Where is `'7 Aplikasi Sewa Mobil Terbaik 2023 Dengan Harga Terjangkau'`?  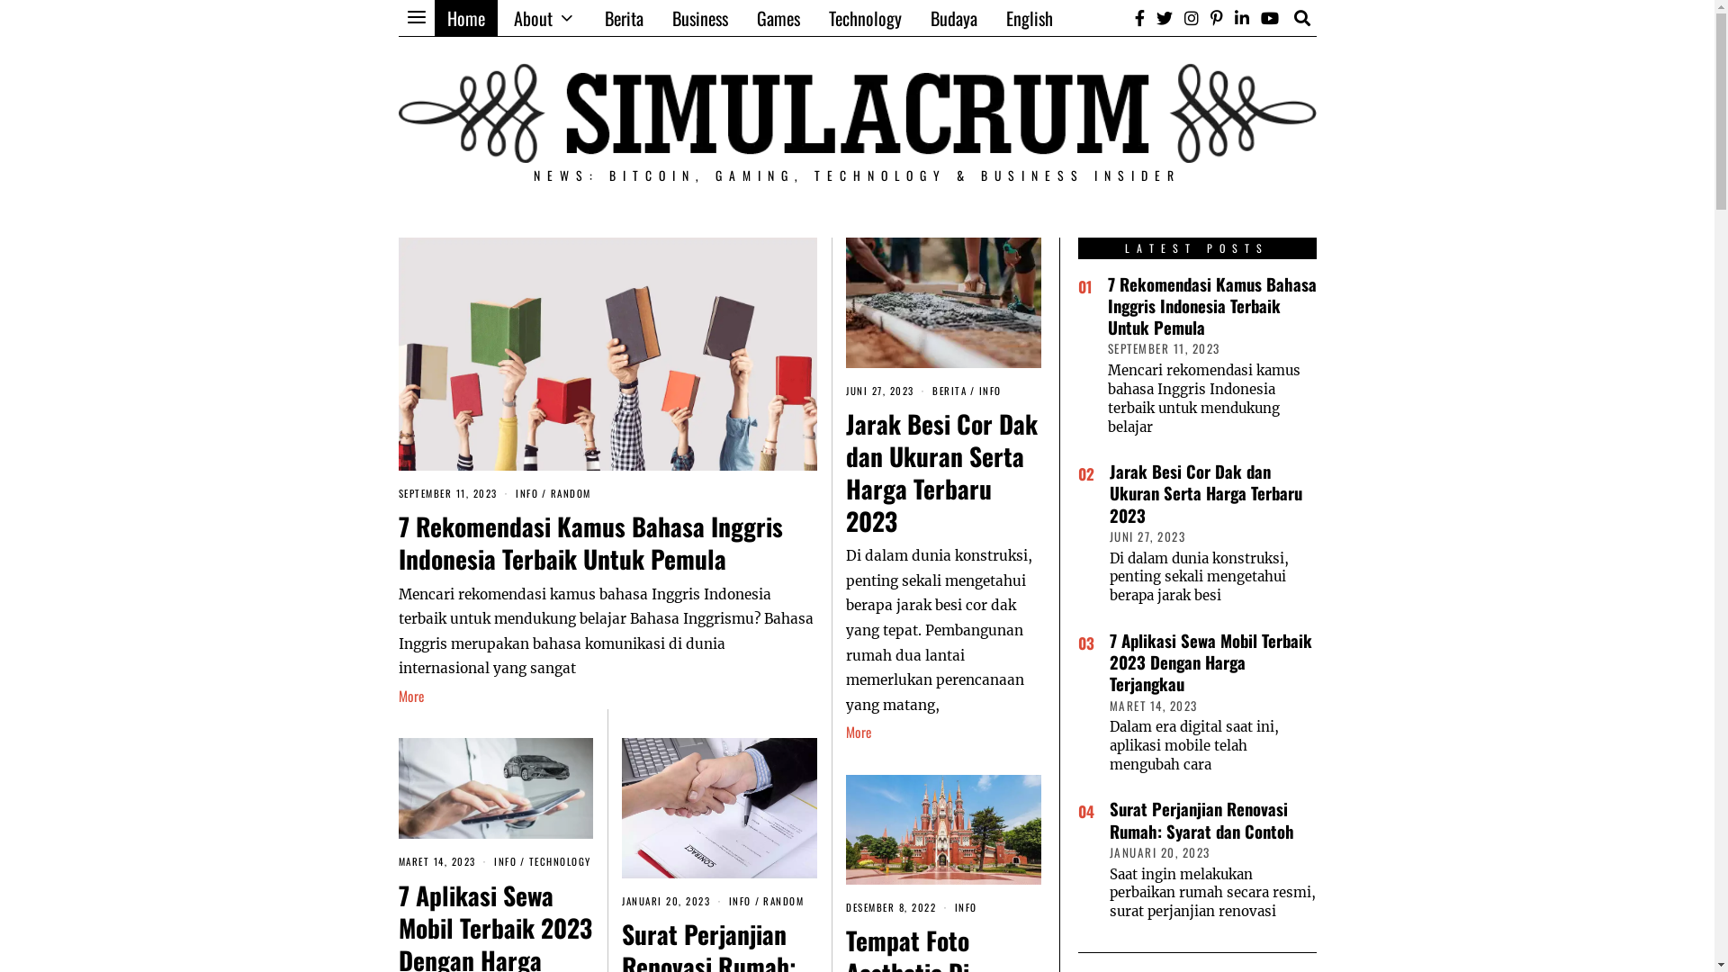 '7 Aplikasi Sewa Mobil Terbaik 2023 Dengan Harga Terjangkau' is located at coordinates (1210, 662).